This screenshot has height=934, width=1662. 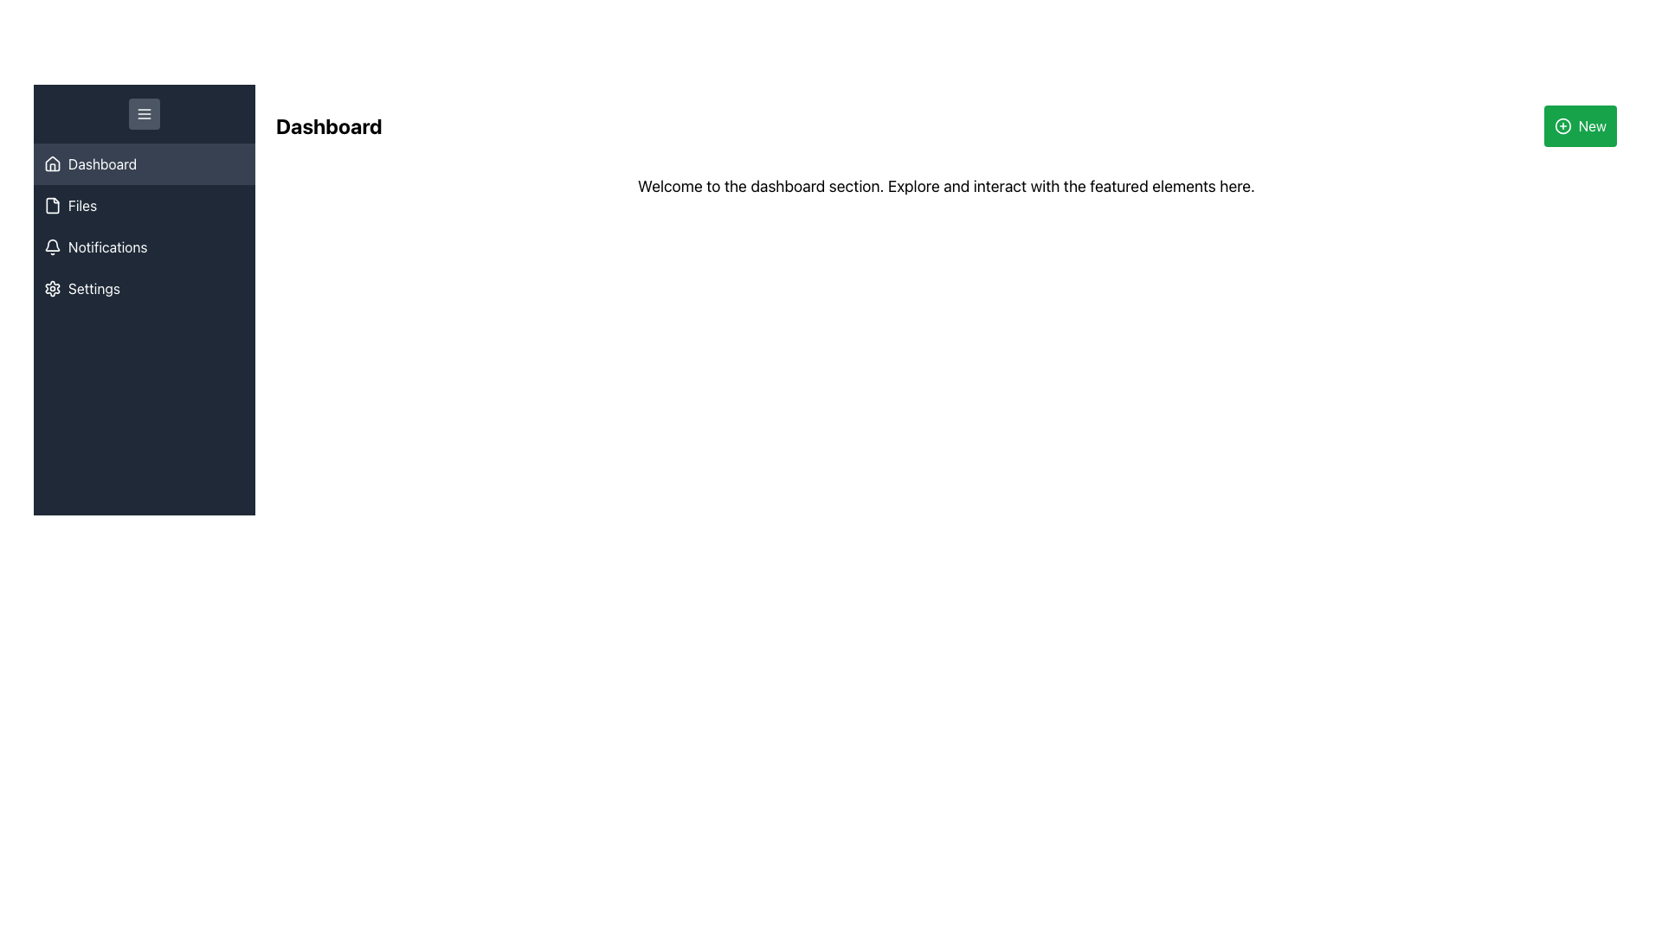 I want to click on the SVG icon representing a document file located in the sidebar menu adjacent to the 'Files' label, so click(x=53, y=205).